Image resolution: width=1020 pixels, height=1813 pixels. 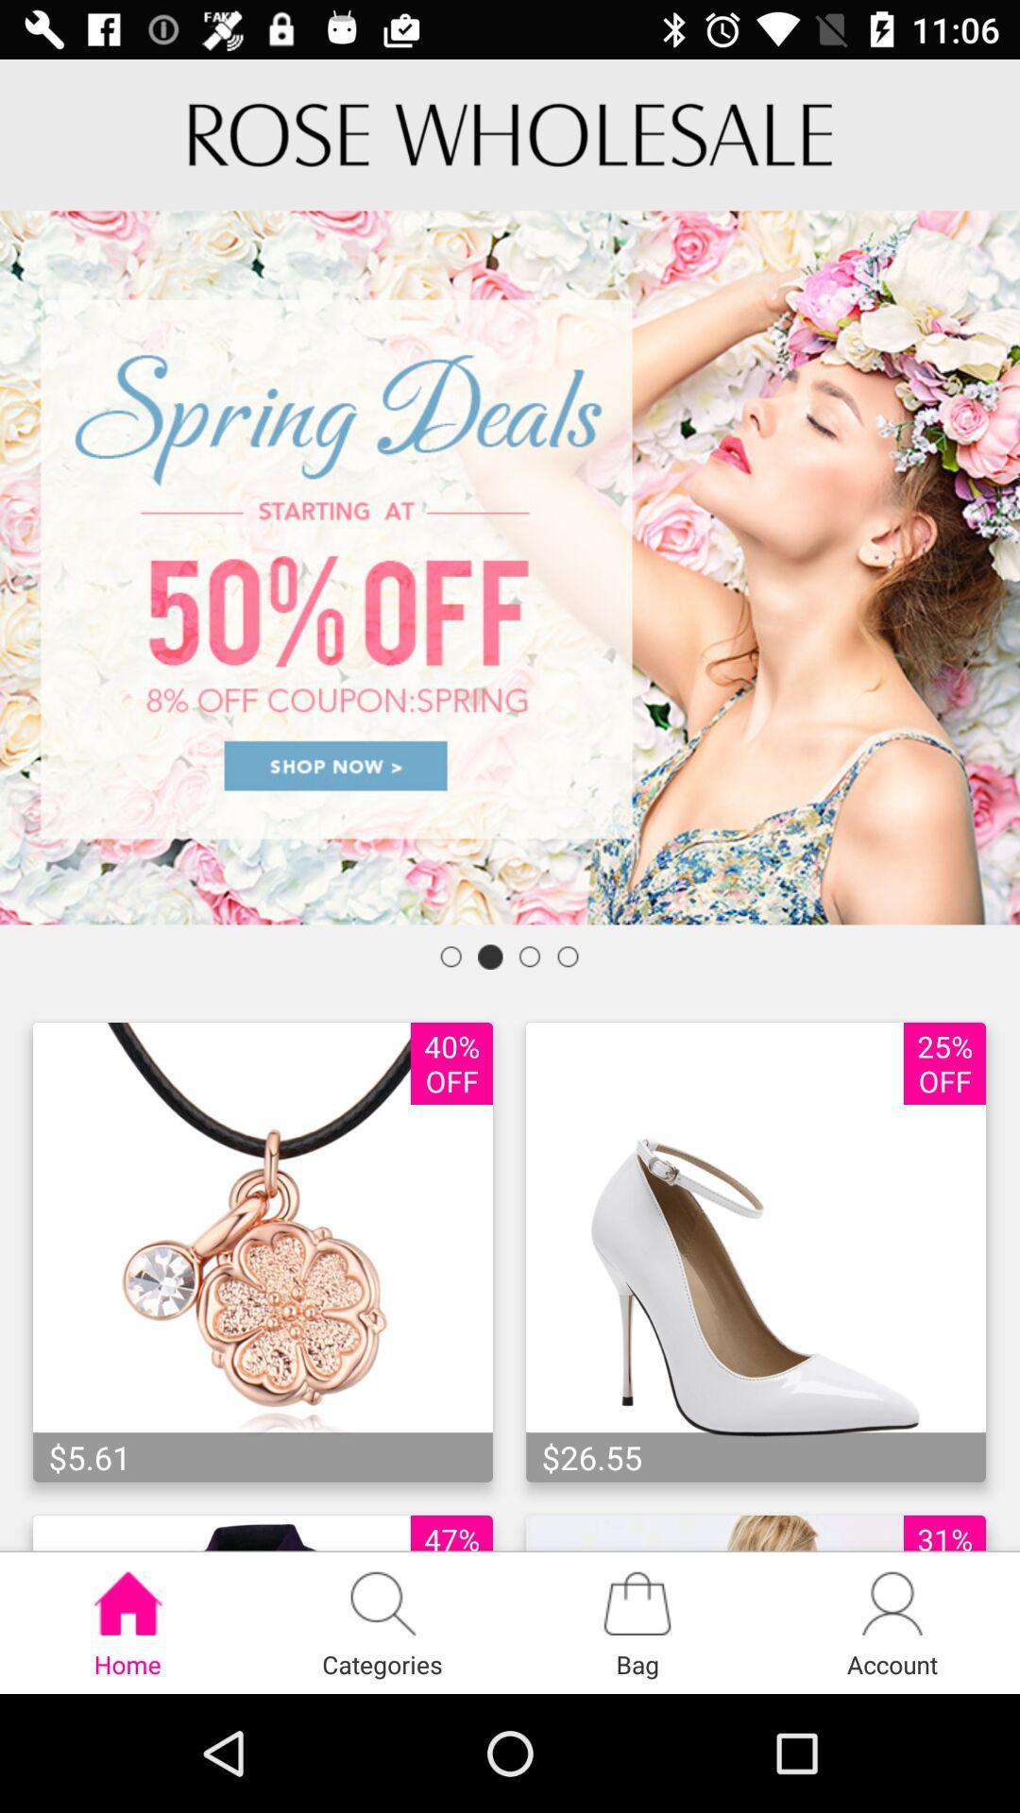 I want to click on first image, so click(x=263, y=1252).